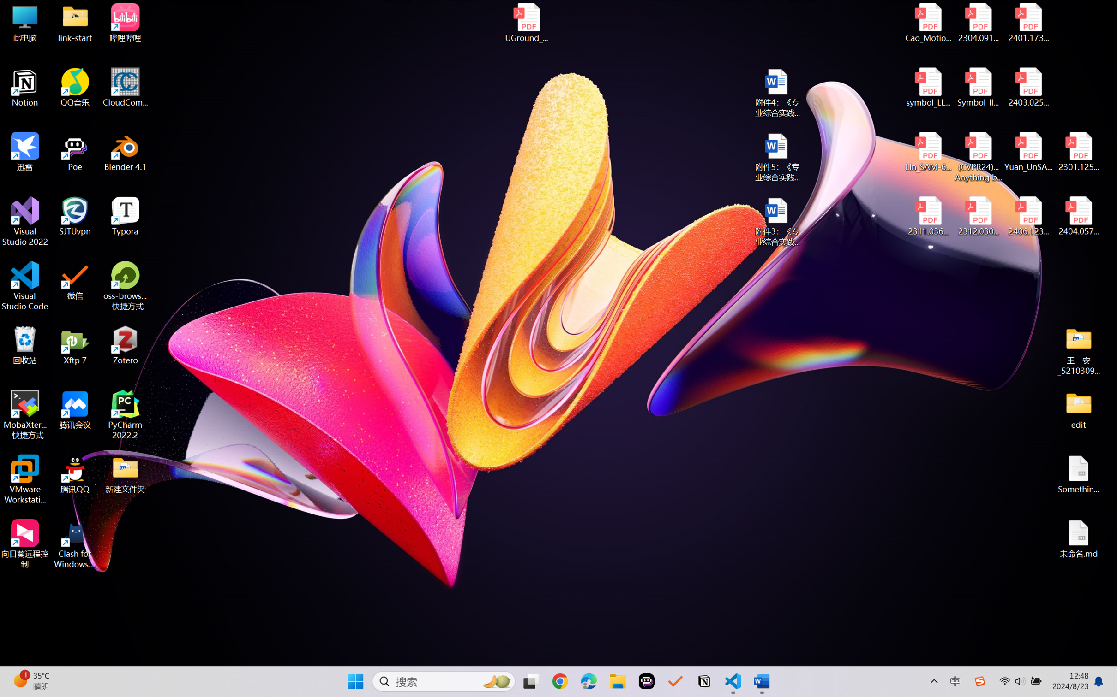 This screenshot has width=1117, height=697. What do you see at coordinates (1027, 88) in the screenshot?
I see `'2403.02502v1.pdf'` at bounding box center [1027, 88].